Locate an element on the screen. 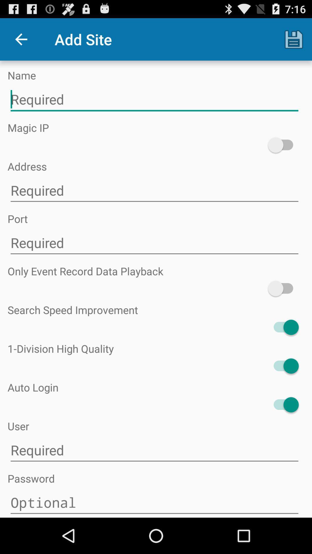 This screenshot has width=312, height=554. search button is located at coordinates (283, 327).